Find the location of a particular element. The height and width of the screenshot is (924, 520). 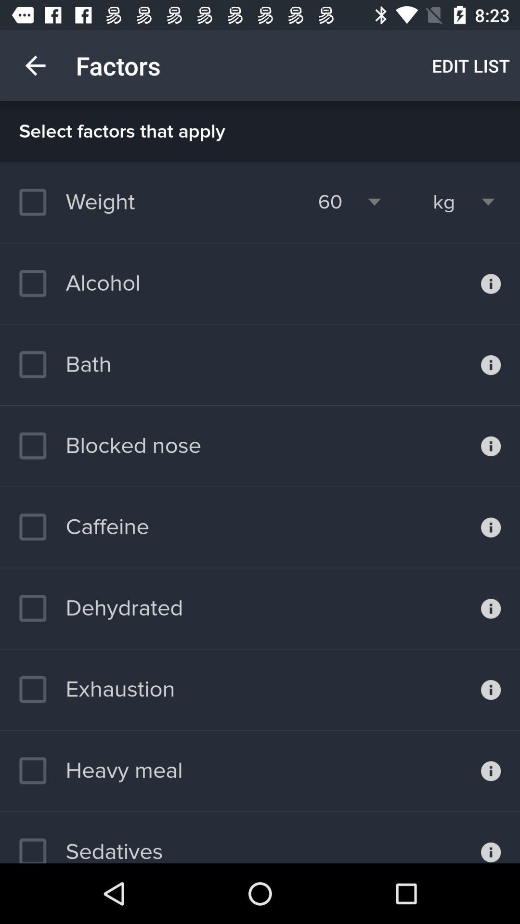

show more information is located at coordinates (491, 283).